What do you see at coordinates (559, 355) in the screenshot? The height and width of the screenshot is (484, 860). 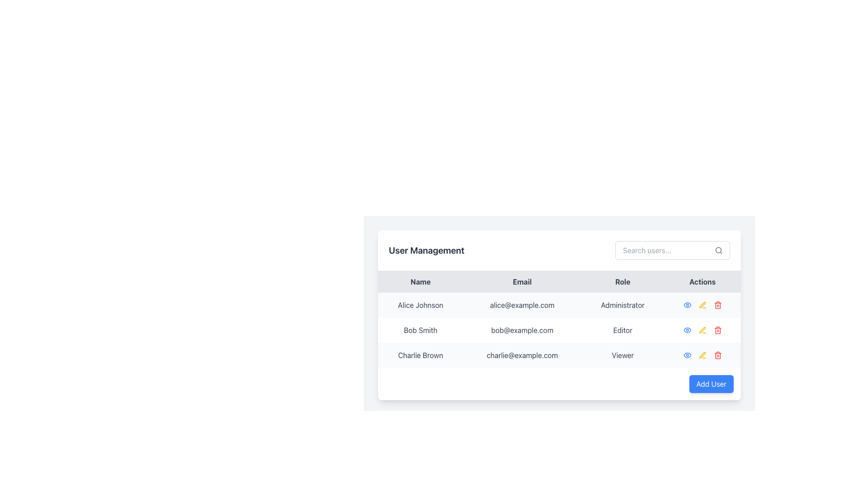 I see `name, email, and role information from the third row of the user management table, which represents the user 'Charlie Brown'` at bounding box center [559, 355].